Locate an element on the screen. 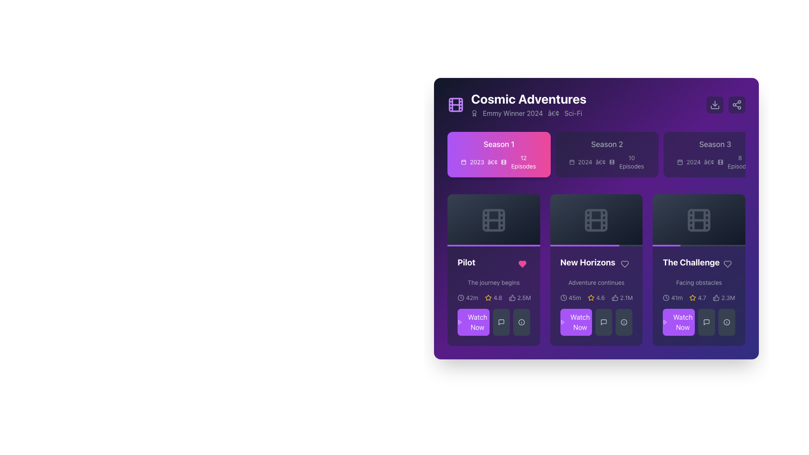 Image resolution: width=809 pixels, height=455 pixels. the numeric statistic text label displaying the count related to the thumbs-up icon, located in the 'Pilot' card at the bottom section of the three-column layout is located at coordinates (523, 297).